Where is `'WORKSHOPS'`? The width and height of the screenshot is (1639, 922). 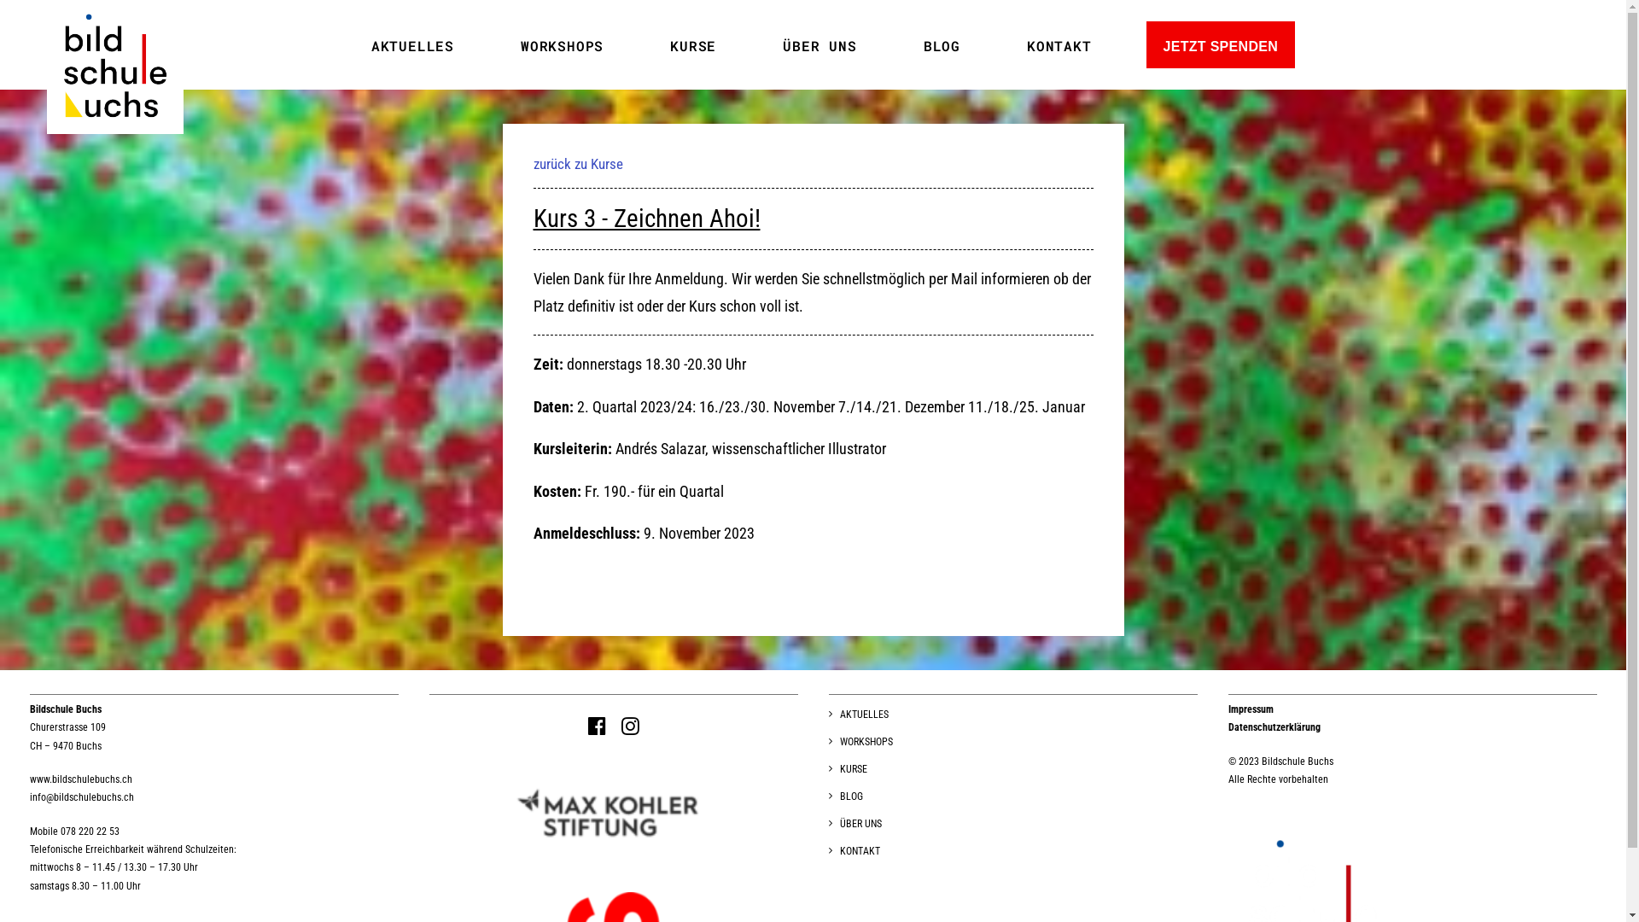 'WORKSHOPS' is located at coordinates (860, 743).